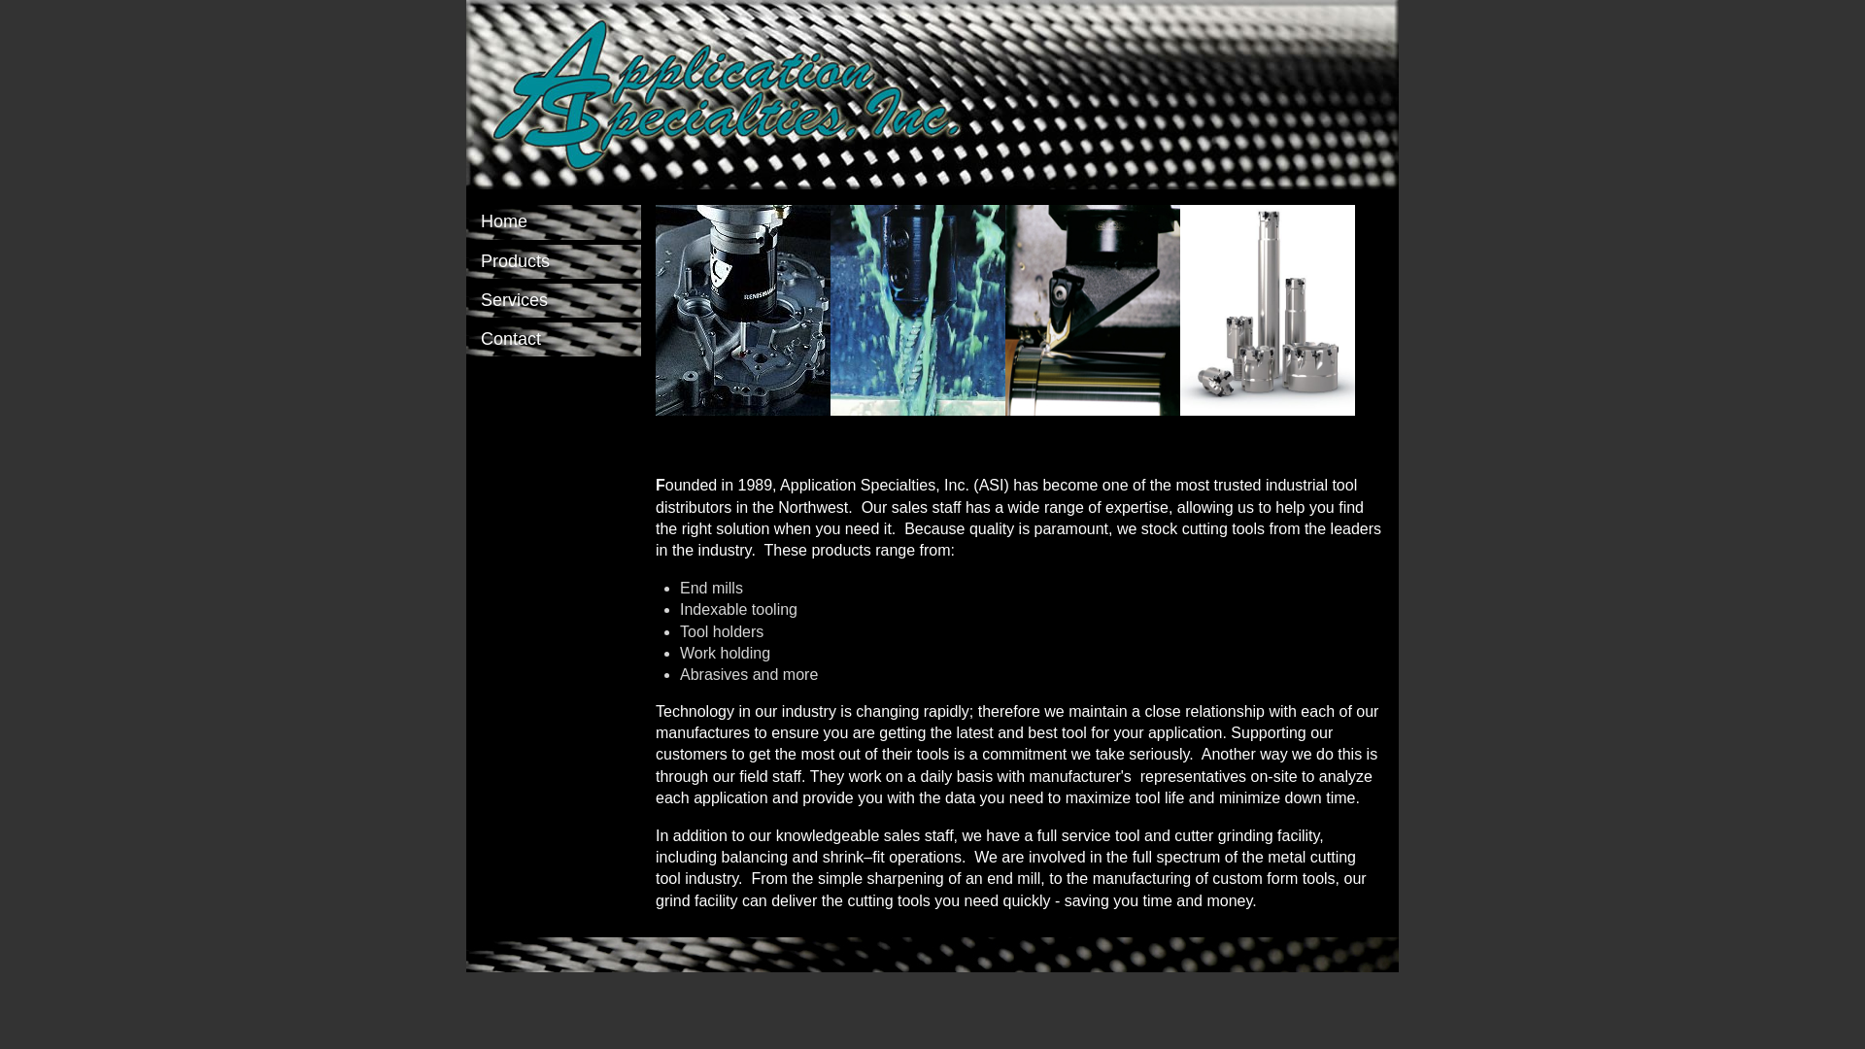 Image resolution: width=1865 pixels, height=1049 pixels. What do you see at coordinates (553, 220) in the screenshot?
I see `'Home'` at bounding box center [553, 220].